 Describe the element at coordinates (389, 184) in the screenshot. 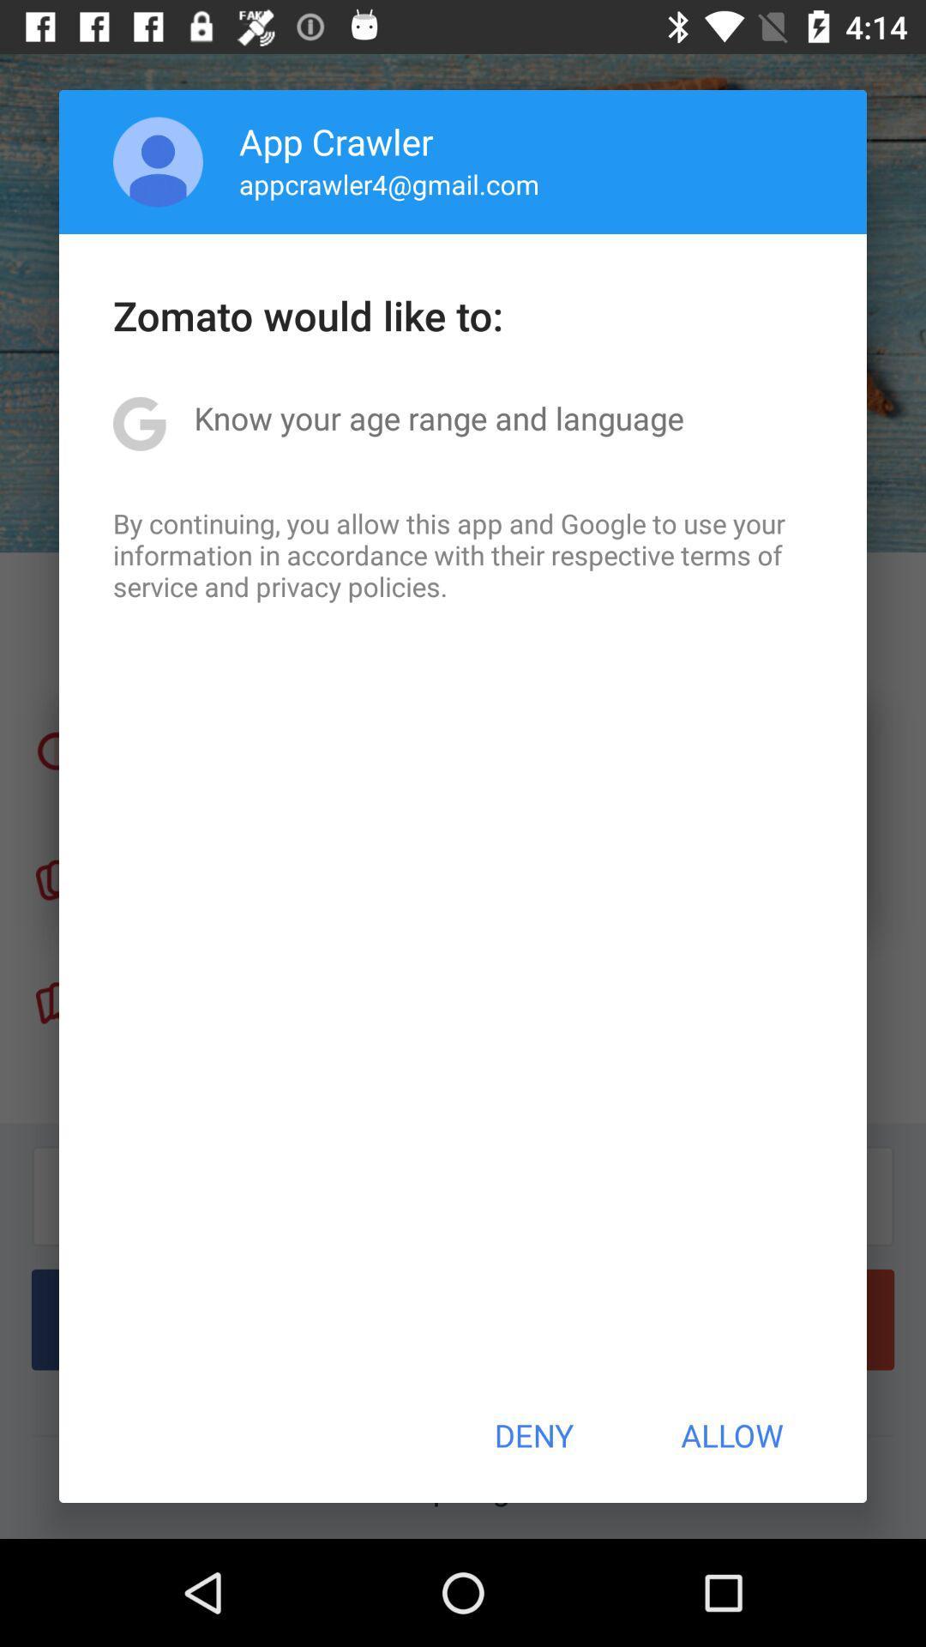

I see `appcrawler4@gmail.com item` at that location.